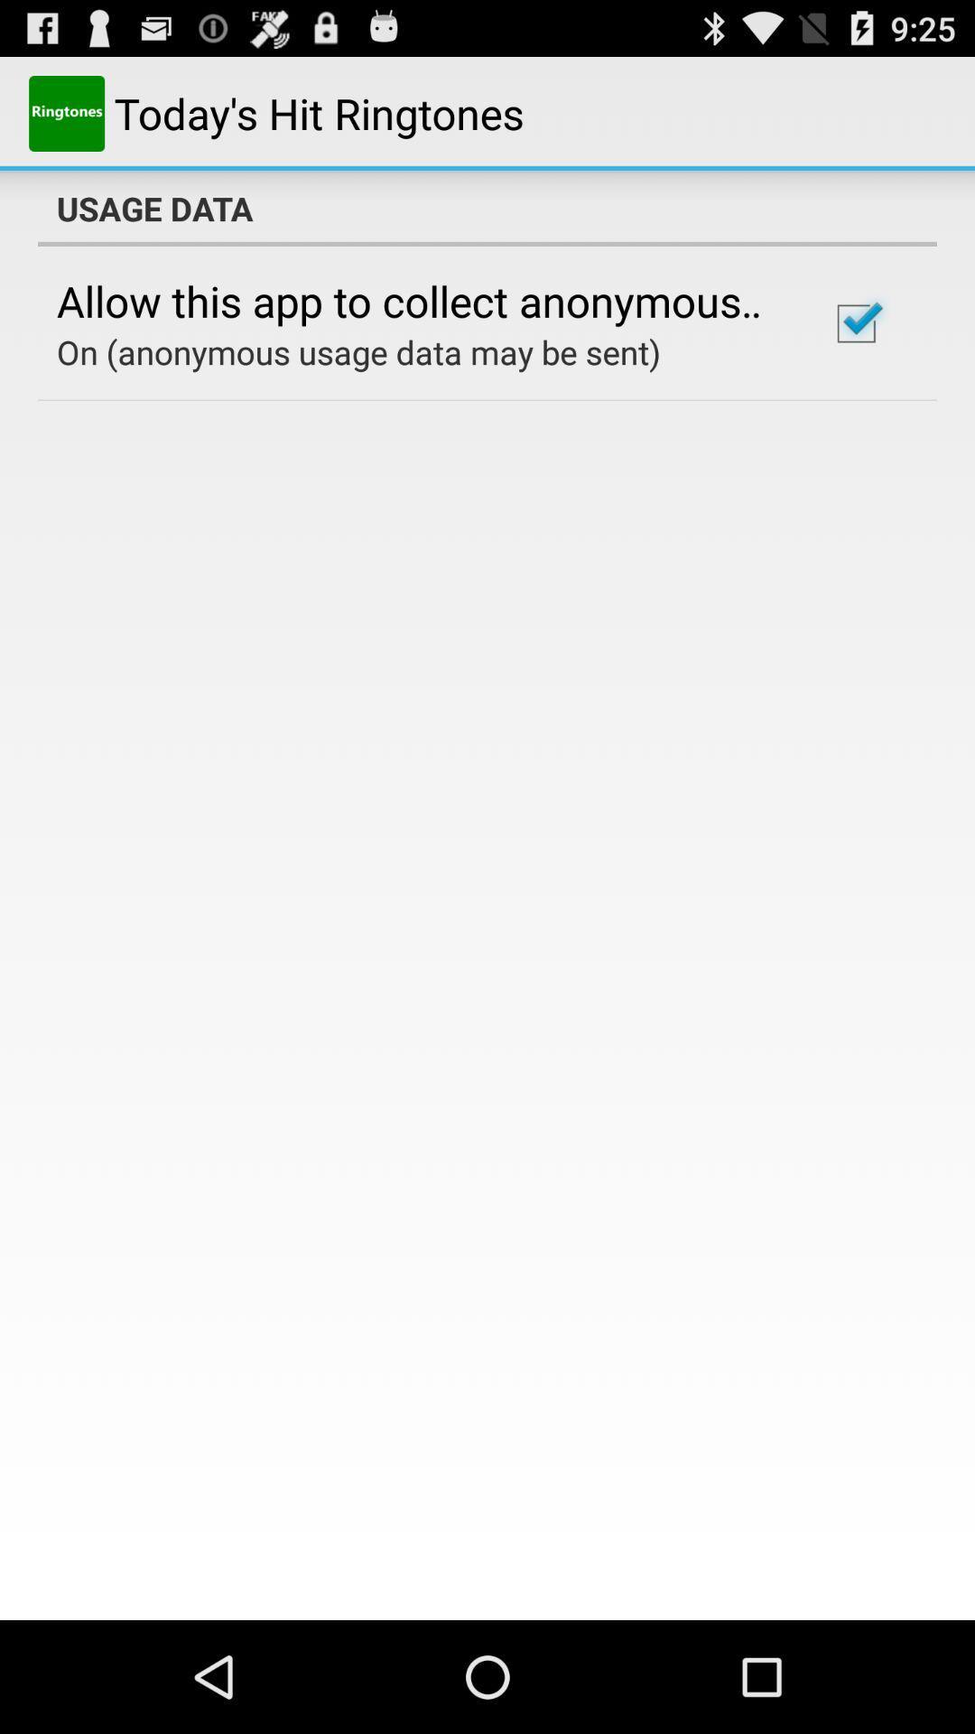 This screenshot has height=1734, width=975. What do you see at coordinates (855, 323) in the screenshot?
I see `icon below usage data icon` at bounding box center [855, 323].